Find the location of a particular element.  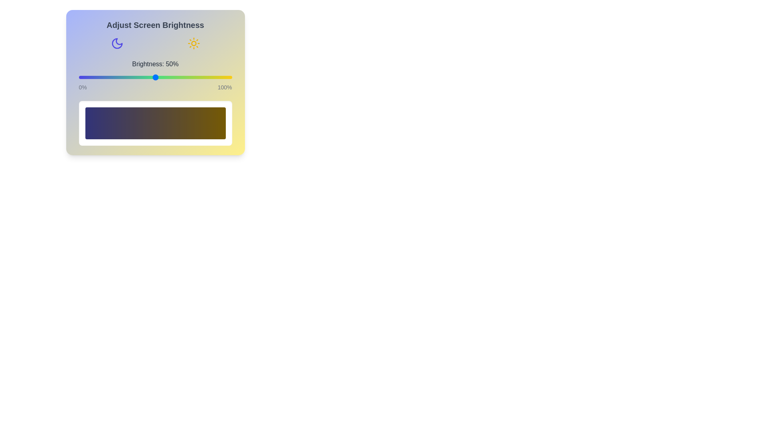

the brightness slider to 70% is located at coordinates (186, 77).